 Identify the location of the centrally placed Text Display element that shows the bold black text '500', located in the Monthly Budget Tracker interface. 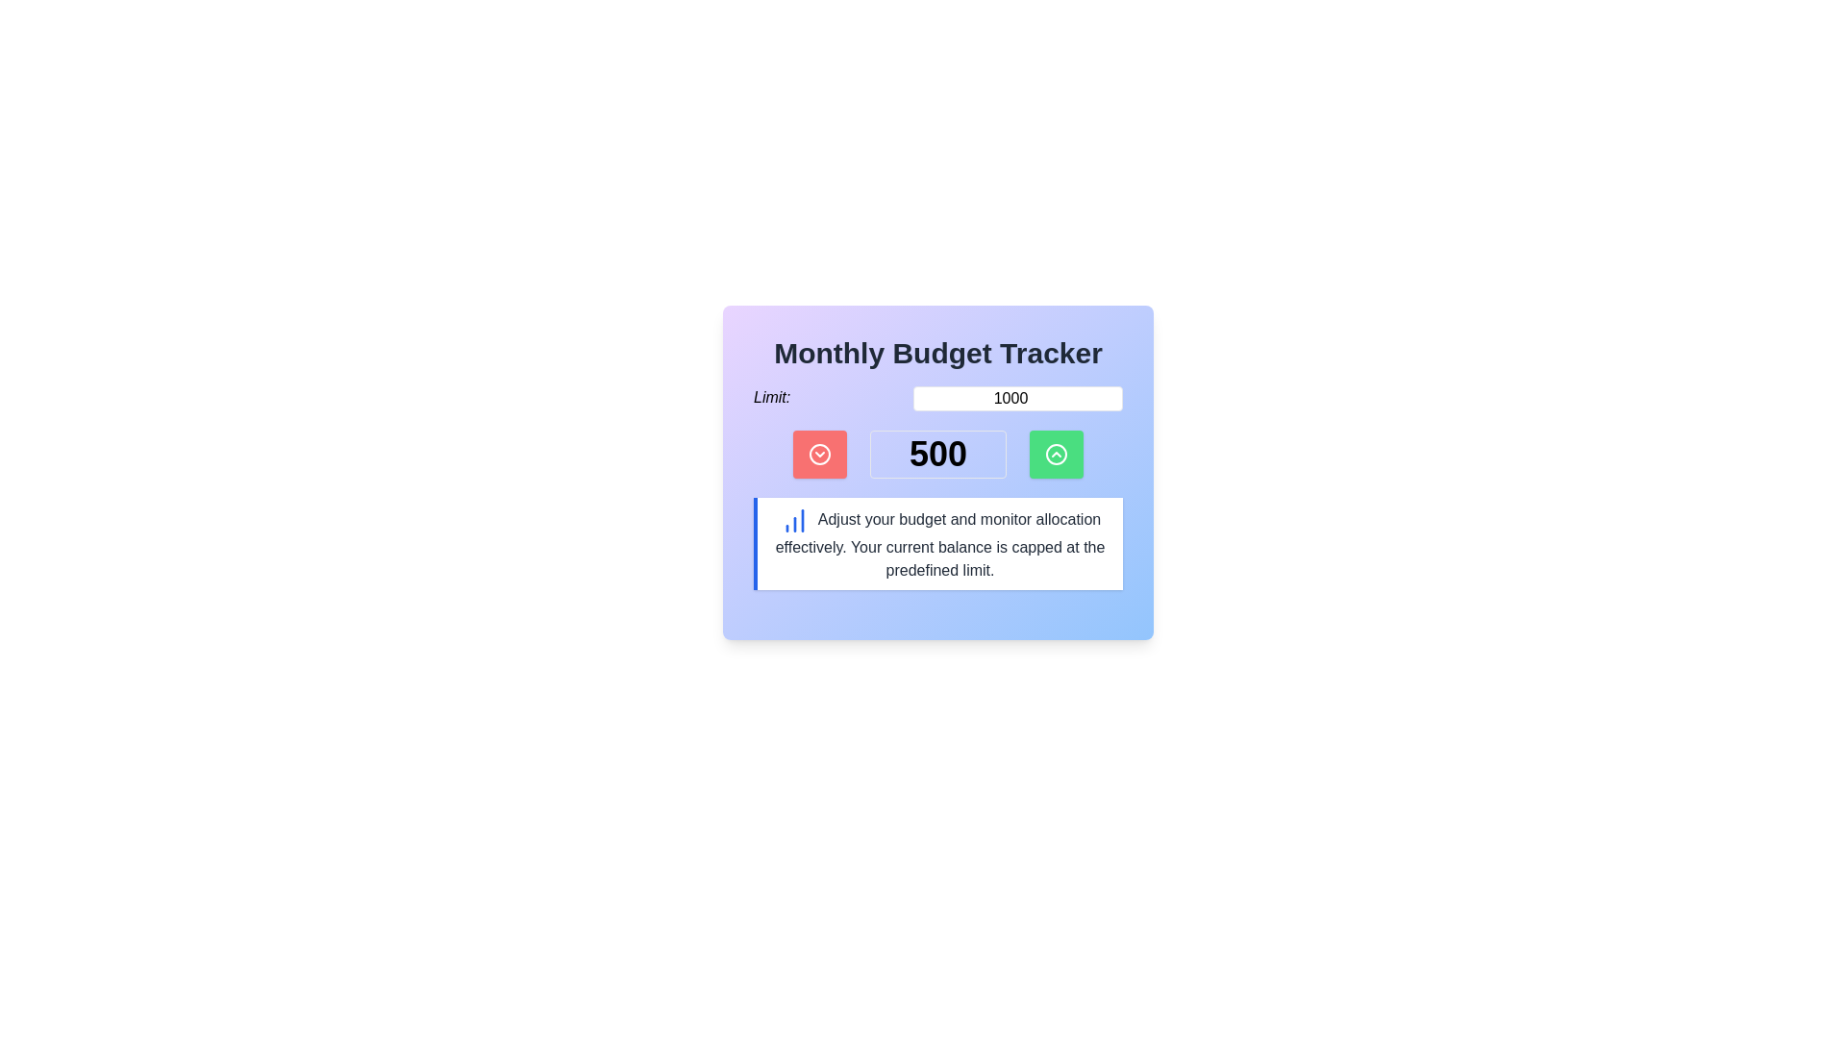
(937, 455).